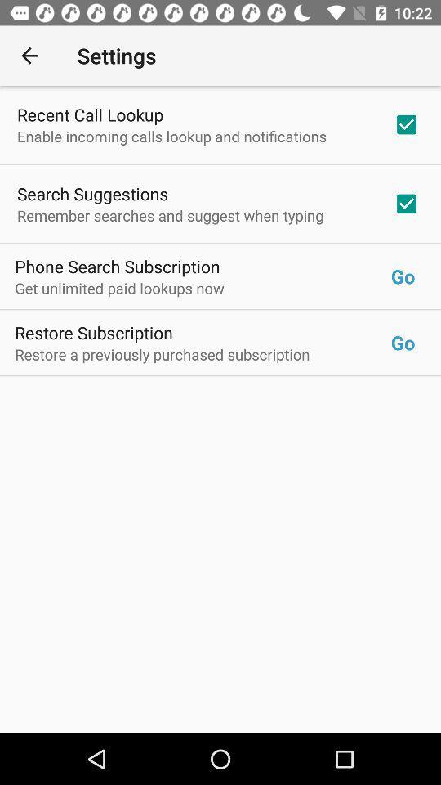 The image size is (441, 785). Describe the element at coordinates (92, 194) in the screenshot. I see `icon below the enable incoming calls icon` at that location.